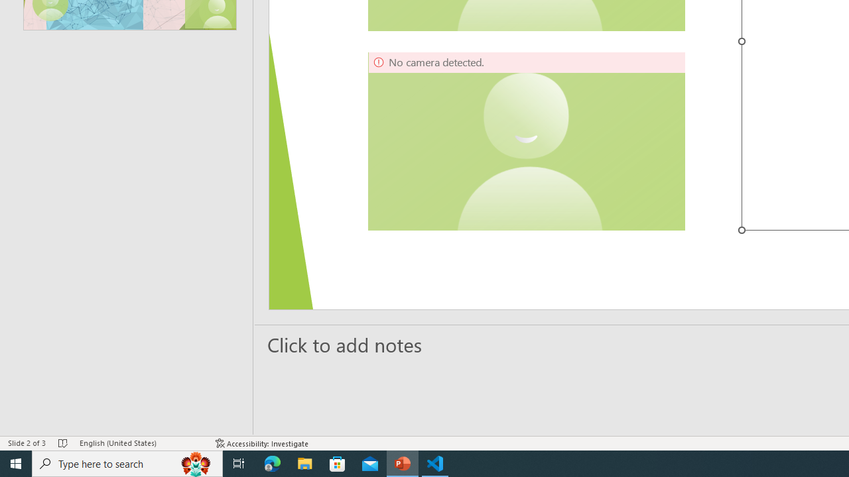 The width and height of the screenshot is (849, 477). Describe the element at coordinates (526, 141) in the screenshot. I see `'Camera 5, No camera detected.'` at that location.